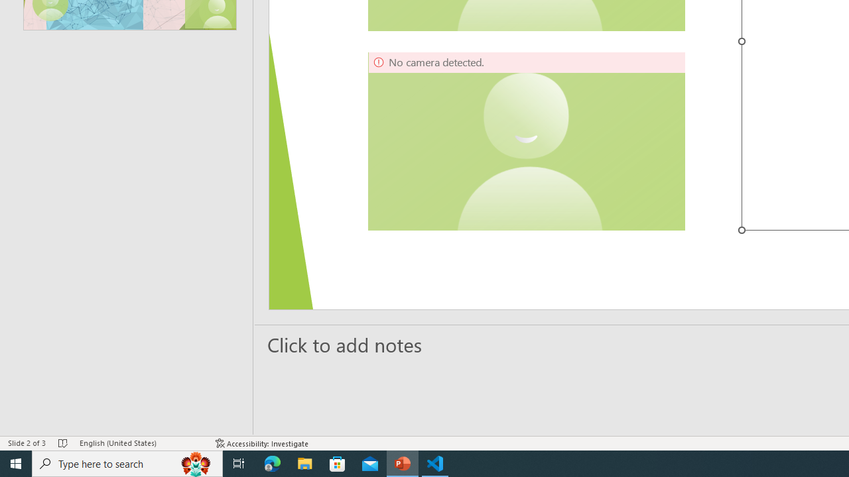 The width and height of the screenshot is (849, 477). Describe the element at coordinates (526, 141) in the screenshot. I see `'Camera 5, No camera detected.'` at that location.